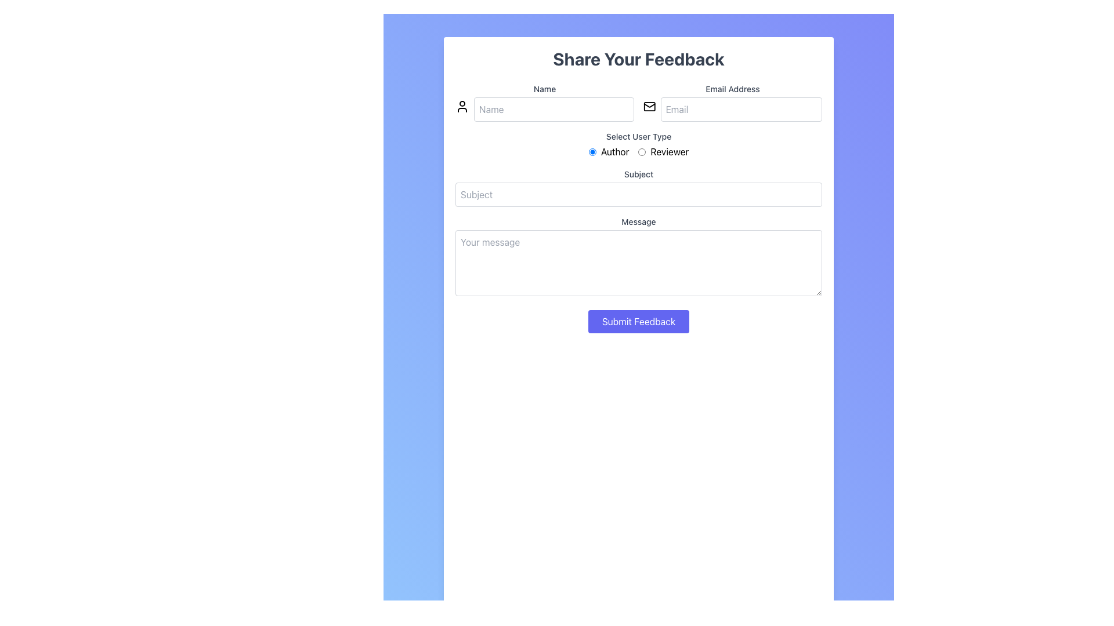 The height and width of the screenshot is (626, 1114). Describe the element at coordinates (649, 107) in the screenshot. I see `the decorative rectangle of the envelope icon, which signifies an email or messaging feature, positioned above the 'Email Address' text field` at that location.